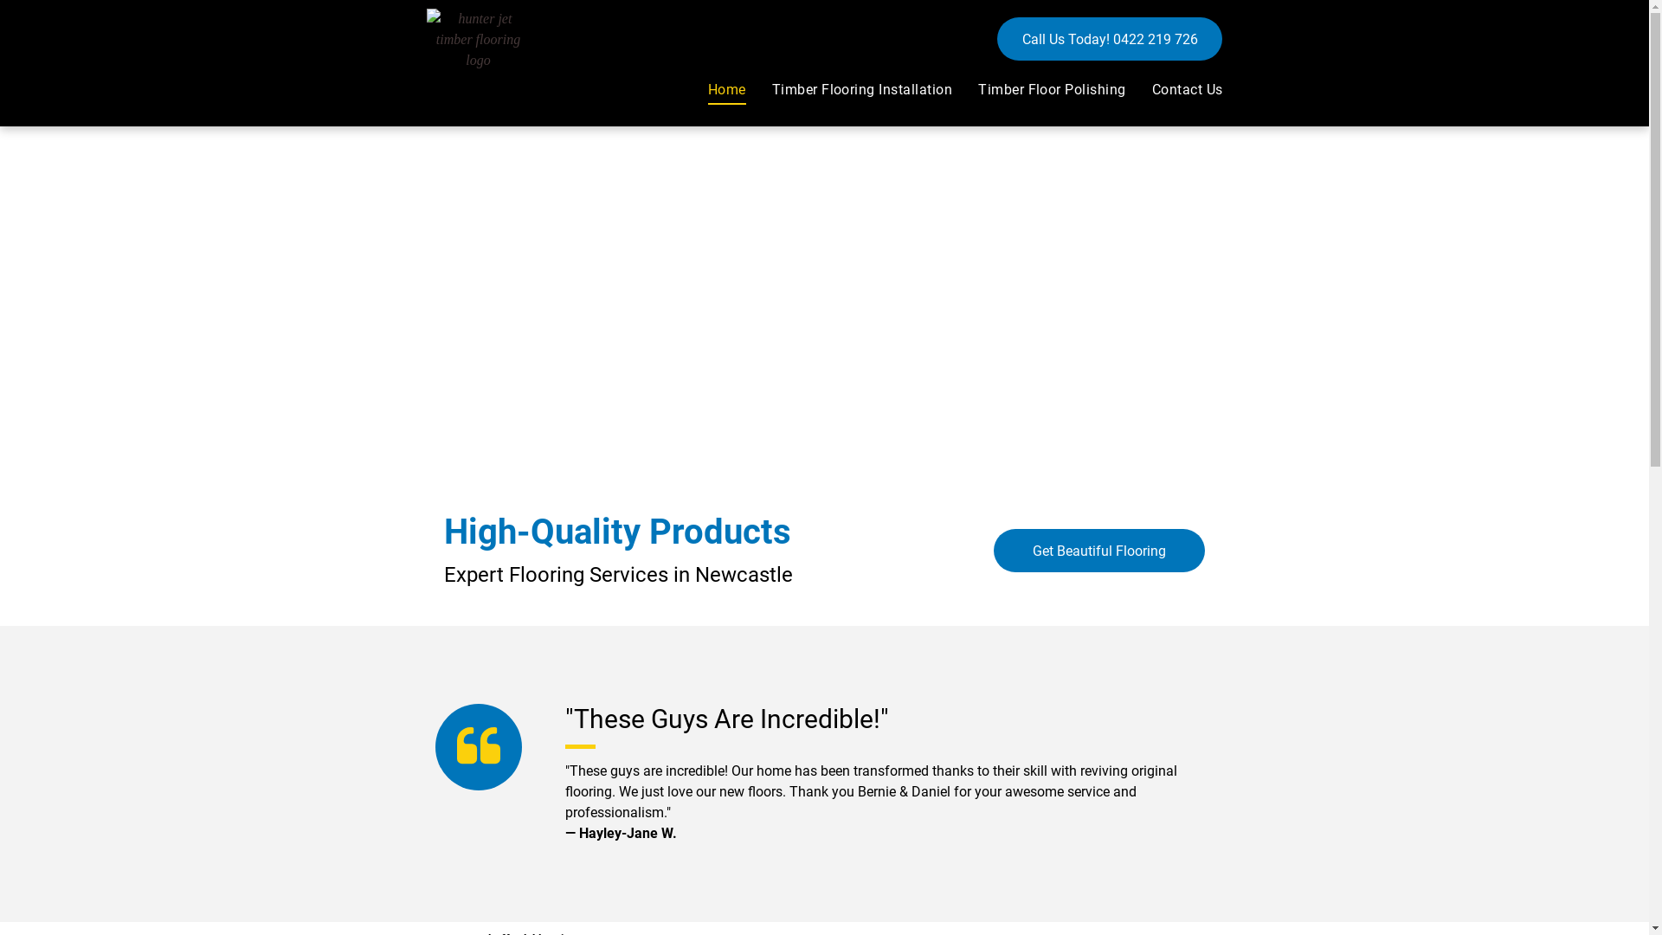 The width and height of the screenshot is (1662, 935). What do you see at coordinates (1098, 551) in the screenshot?
I see `'Get Beautiful Flooring'` at bounding box center [1098, 551].